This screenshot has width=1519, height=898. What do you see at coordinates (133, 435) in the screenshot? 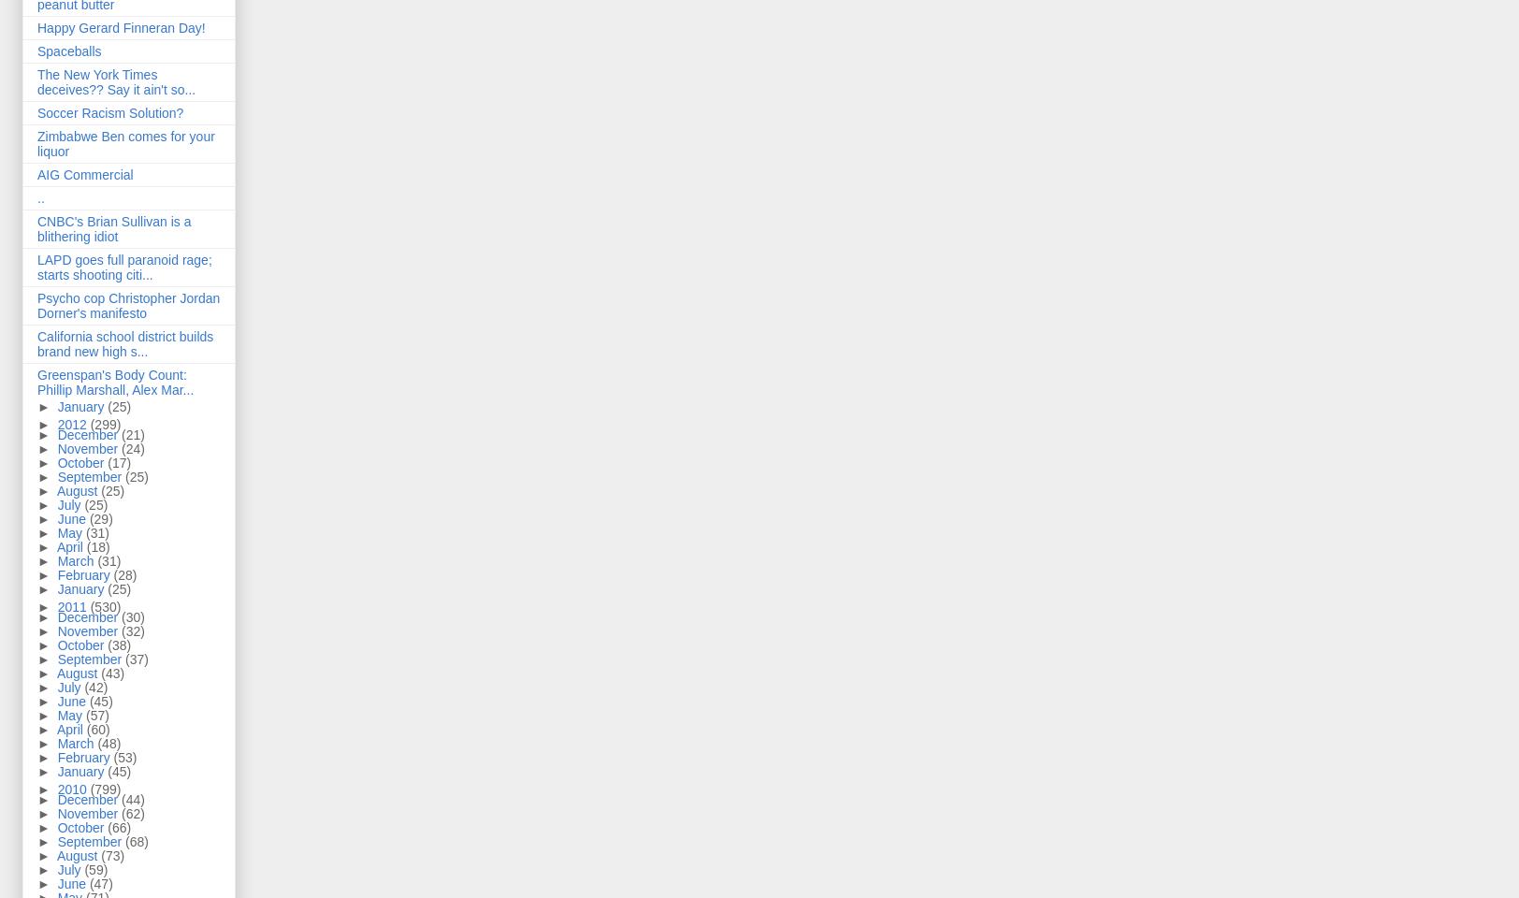
I see `'(21)'` at bounding box center [133, 435].